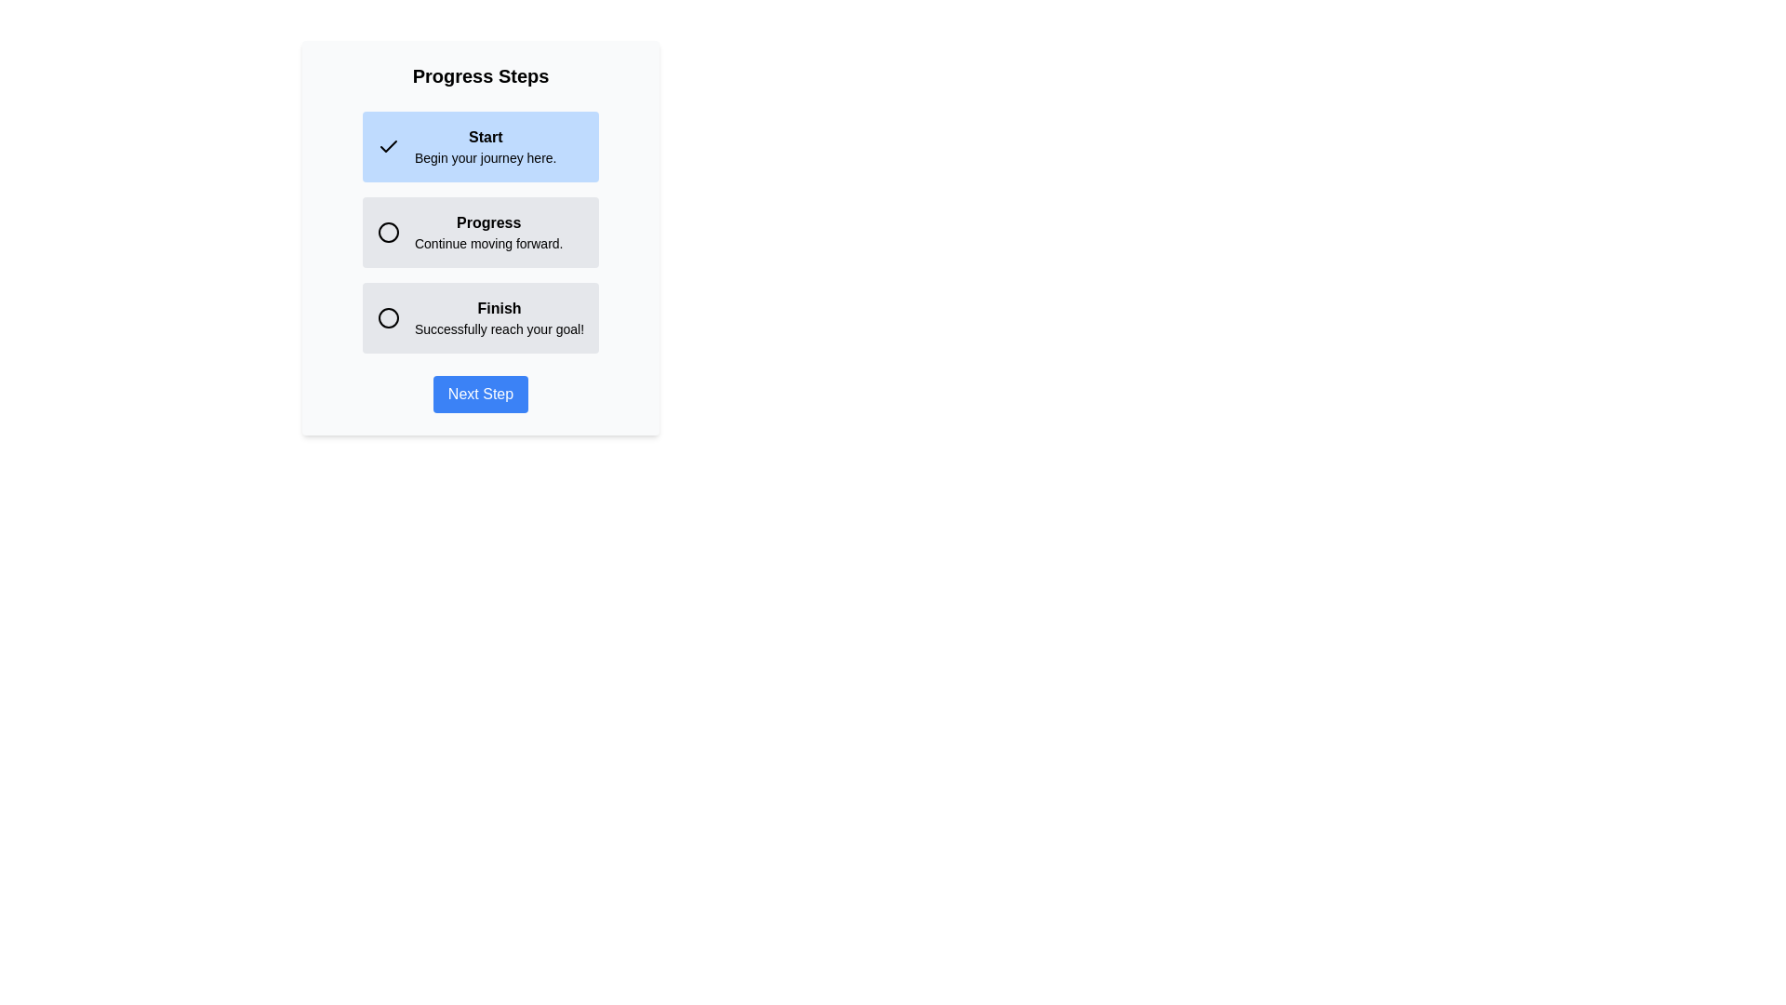 The image size is (1786, 1005). Describe the element at coordinates (500, 307) in the screenshot. I see `the 'Finish' text label, which is a bold rectangular label with a darker background, centrally aligned within the bottommost step box of the progress steps` at that location.